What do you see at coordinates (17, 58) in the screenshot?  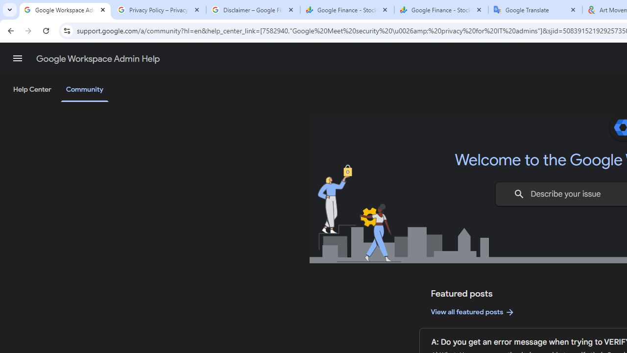 I see `'Main menu'` at bounding box center [17, 58].